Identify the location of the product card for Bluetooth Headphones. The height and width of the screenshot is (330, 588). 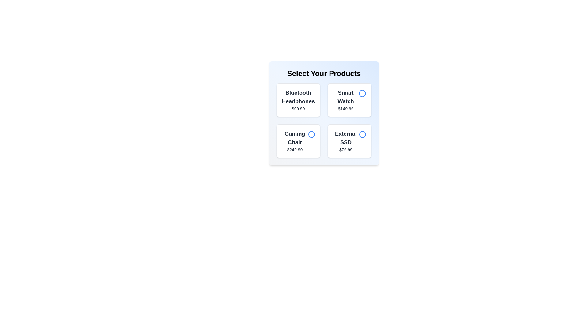
(298, 100).